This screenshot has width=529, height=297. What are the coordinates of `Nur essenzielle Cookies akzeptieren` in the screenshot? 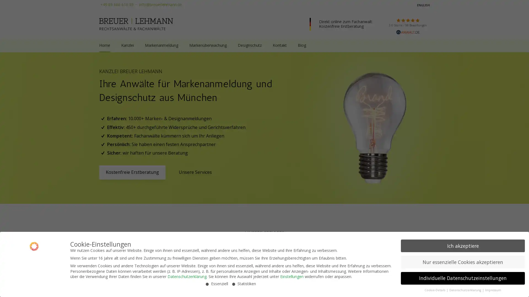 It's located at (463, 262).